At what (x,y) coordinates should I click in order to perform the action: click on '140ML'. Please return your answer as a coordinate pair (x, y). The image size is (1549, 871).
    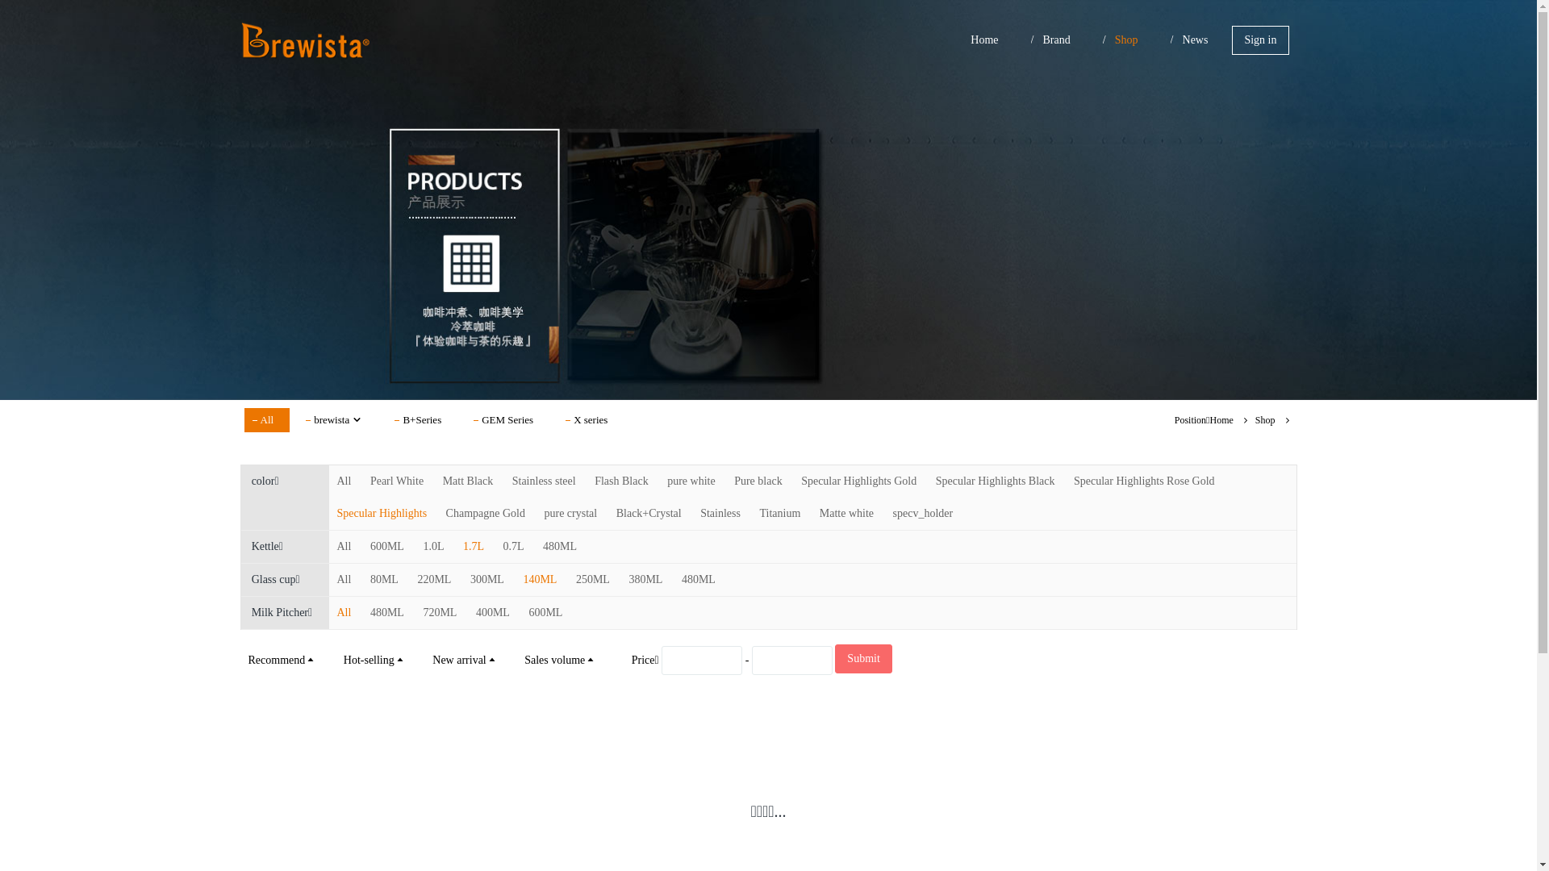
    Looking at the image, I should click on (539, 578).